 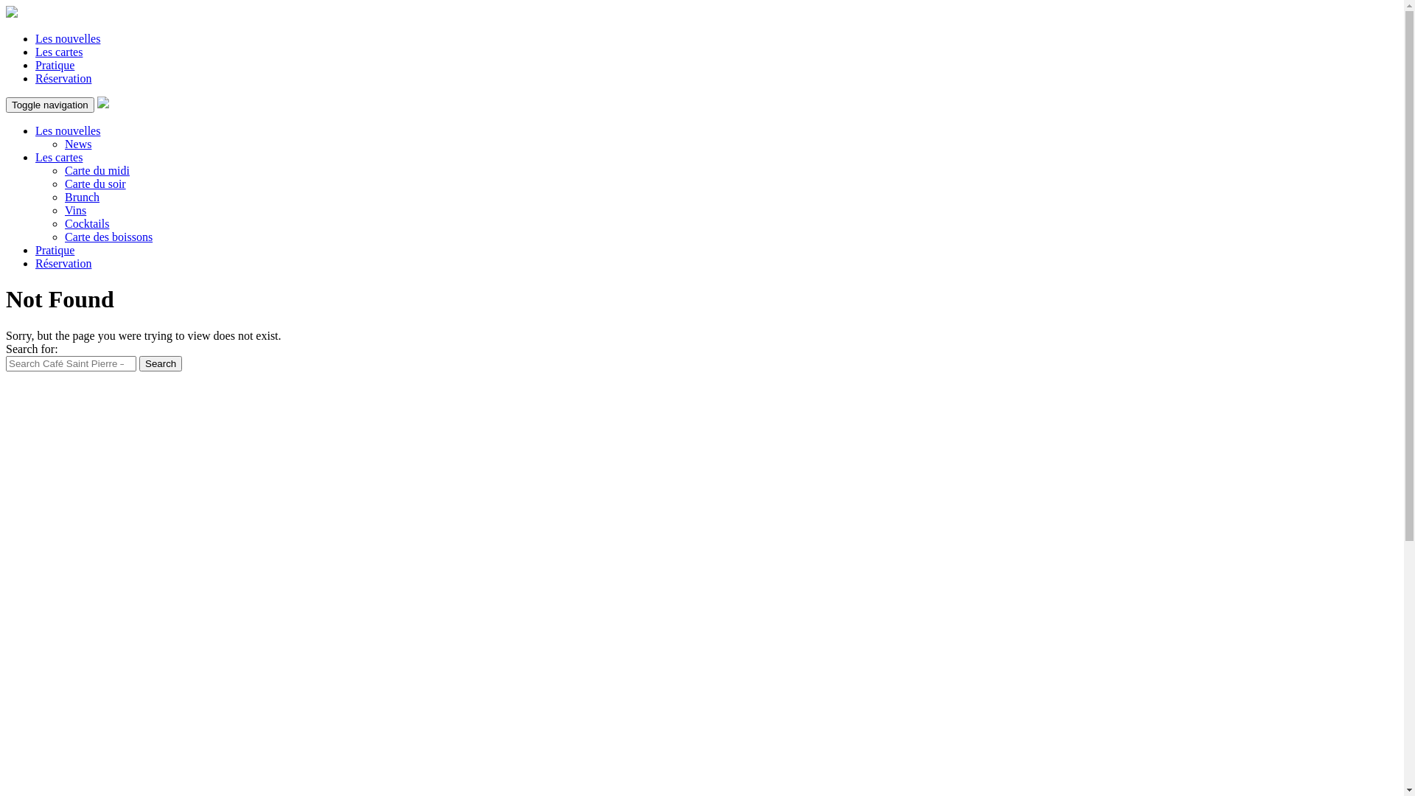 What do you see at coordinates (35, 51) in the screenshot?
I see `'Les cartes'` at bounding box center [35, 51].